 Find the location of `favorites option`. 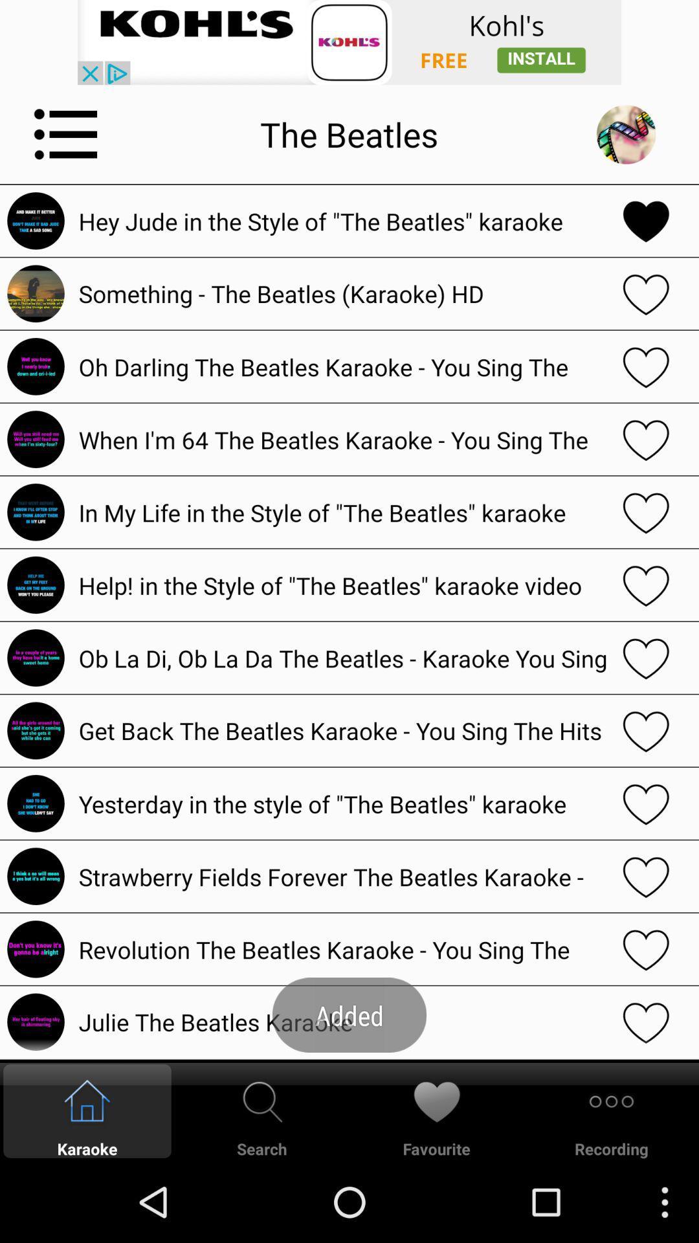

favorites option is located at coordinates (646, 876).